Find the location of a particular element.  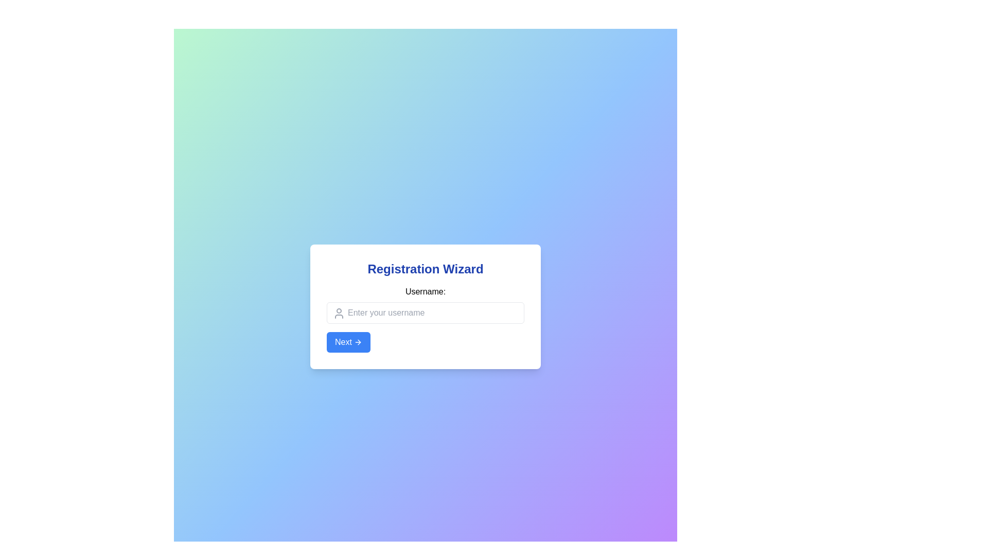

the user icon, which is a gray circular head and shoulders outline, located on the leftmost side of the username input field is located at coordinates (339, 313).